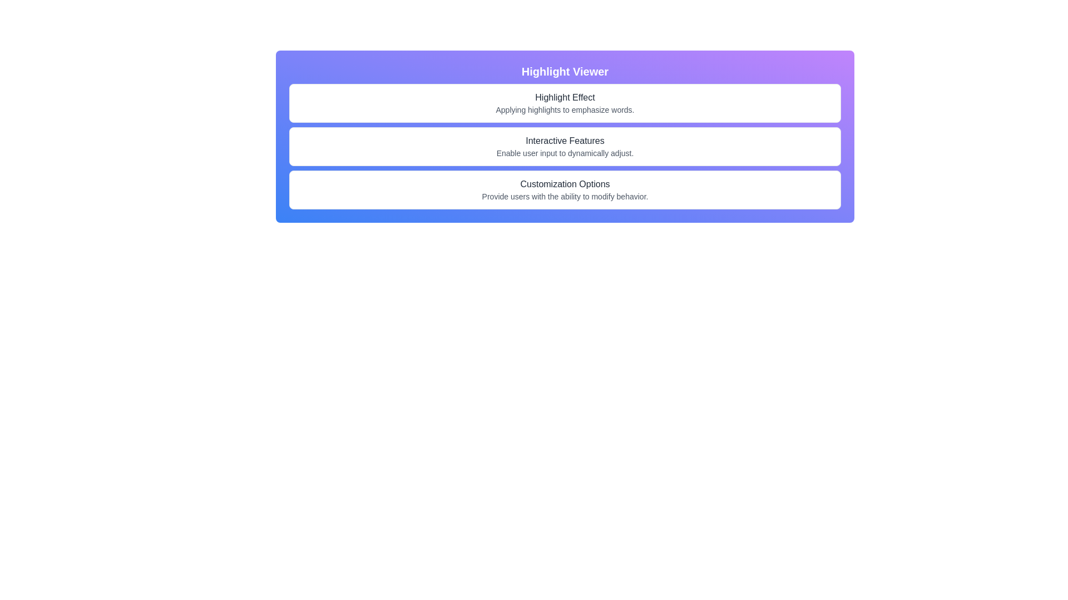 Image resolution: width=1068 pixels, height=600 pixels. Describe the element at coordinates (577, 140) in the screenshot. I see `the last 'e' in the text 'Features' of the 'Interactive Features' string, which is styled with an underline on hover` at that location.